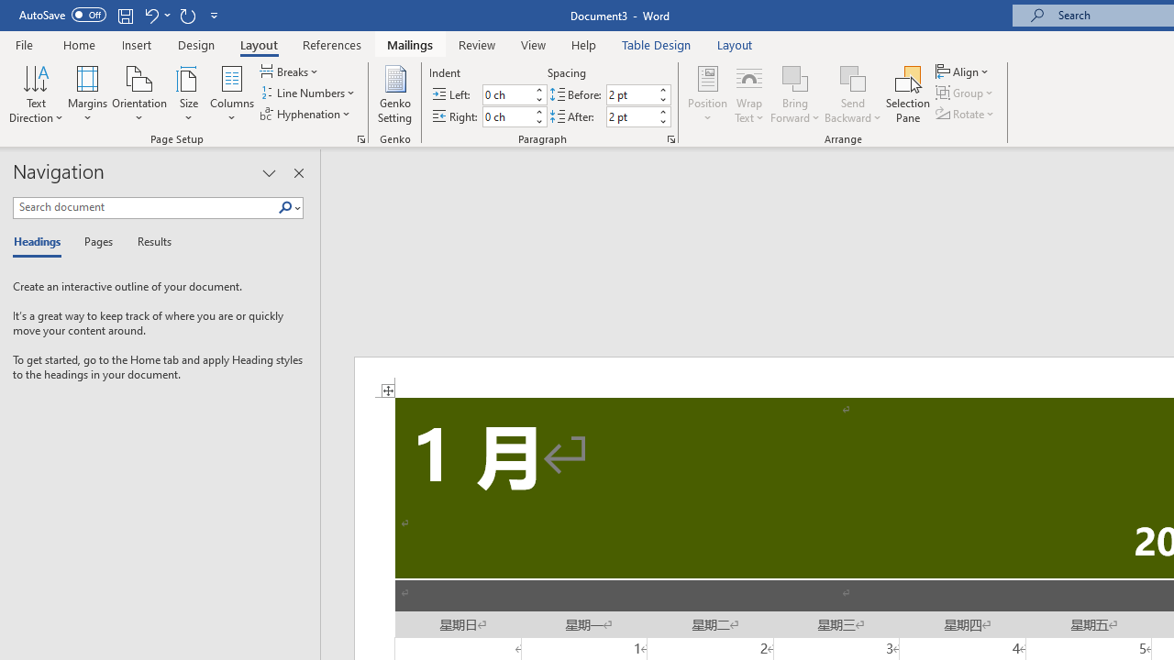 Image resolution: width=1174 pixels, height=660 pixels. Describe the element at coordinates (138, 94) in the screenshot. I see `'Orientation'` at that location.